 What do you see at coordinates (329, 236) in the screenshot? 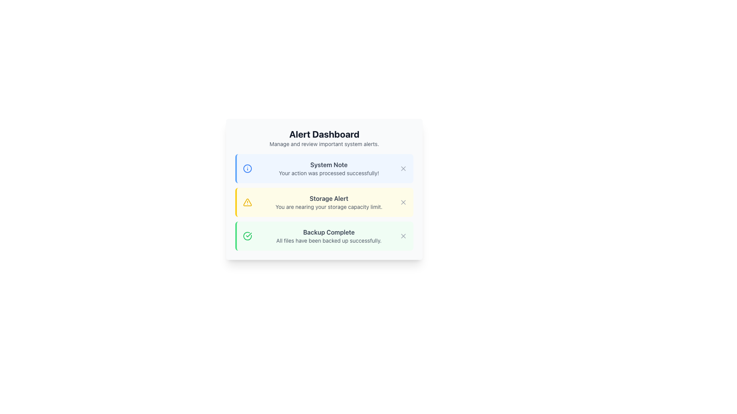
I see `the text block indicating 'Backup Complete' with a light green background on the Alert Dashboard, which is positioned at the bottom-most notification` at bounding box center [329, 236].